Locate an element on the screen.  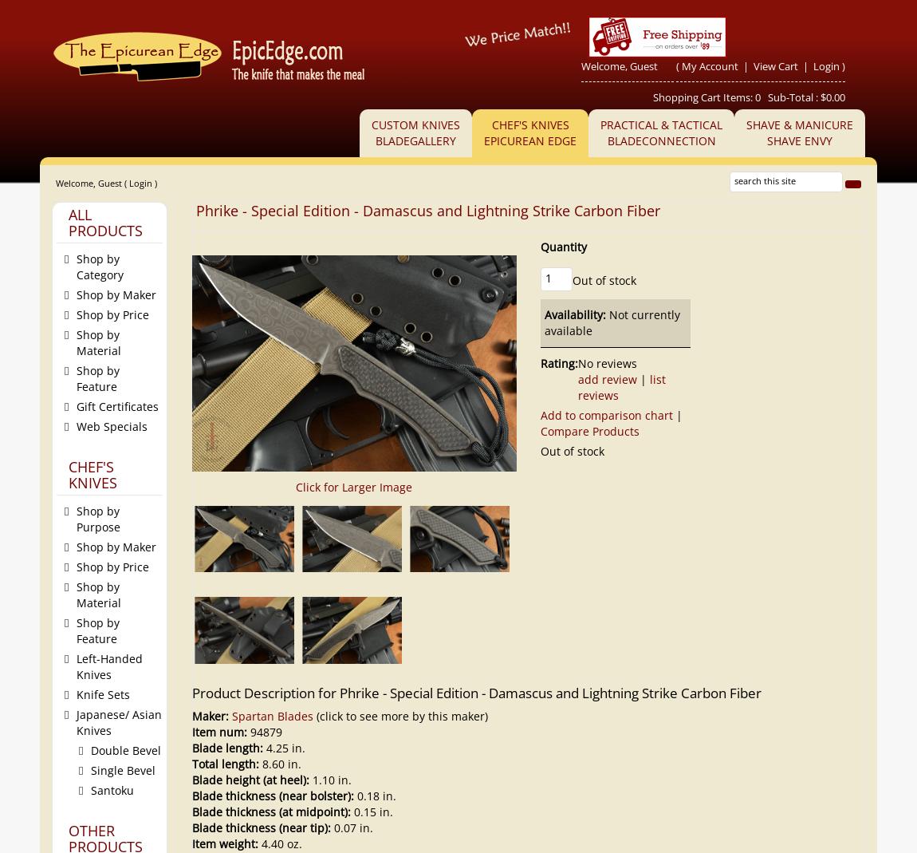
'4.40 oz.' is located at coordinates (280, 843).